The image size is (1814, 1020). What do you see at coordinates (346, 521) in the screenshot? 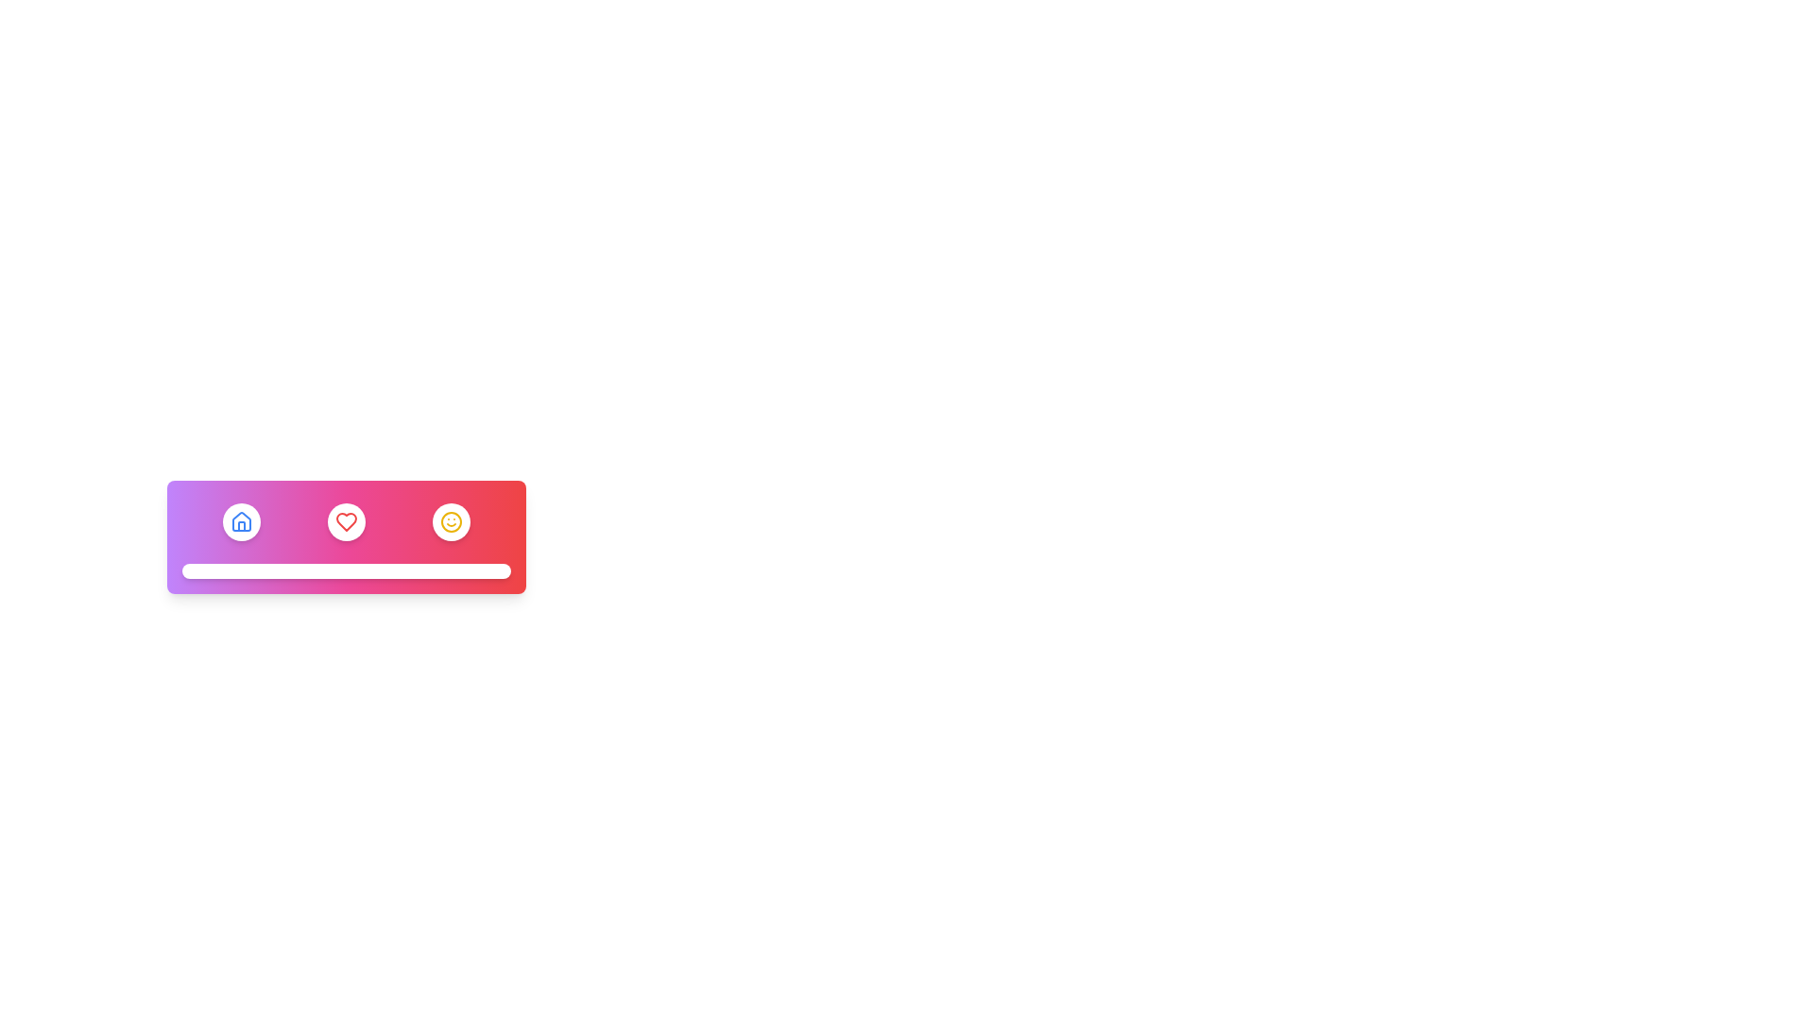
I see `the heart icon located in the center of the top-right button of the navigation bar` at bounding box center [346, 521].